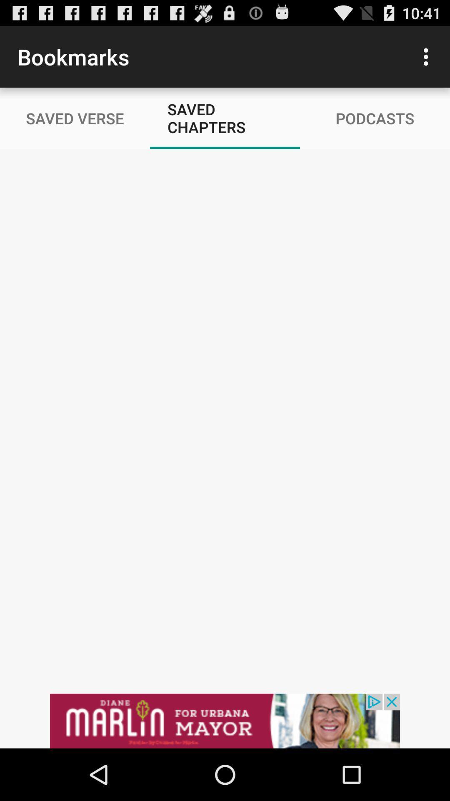 This screenshot has width=450, height=801. Describe the element at coordinates (225, 720) in the screenshot. I see `adverstment option` at that location.